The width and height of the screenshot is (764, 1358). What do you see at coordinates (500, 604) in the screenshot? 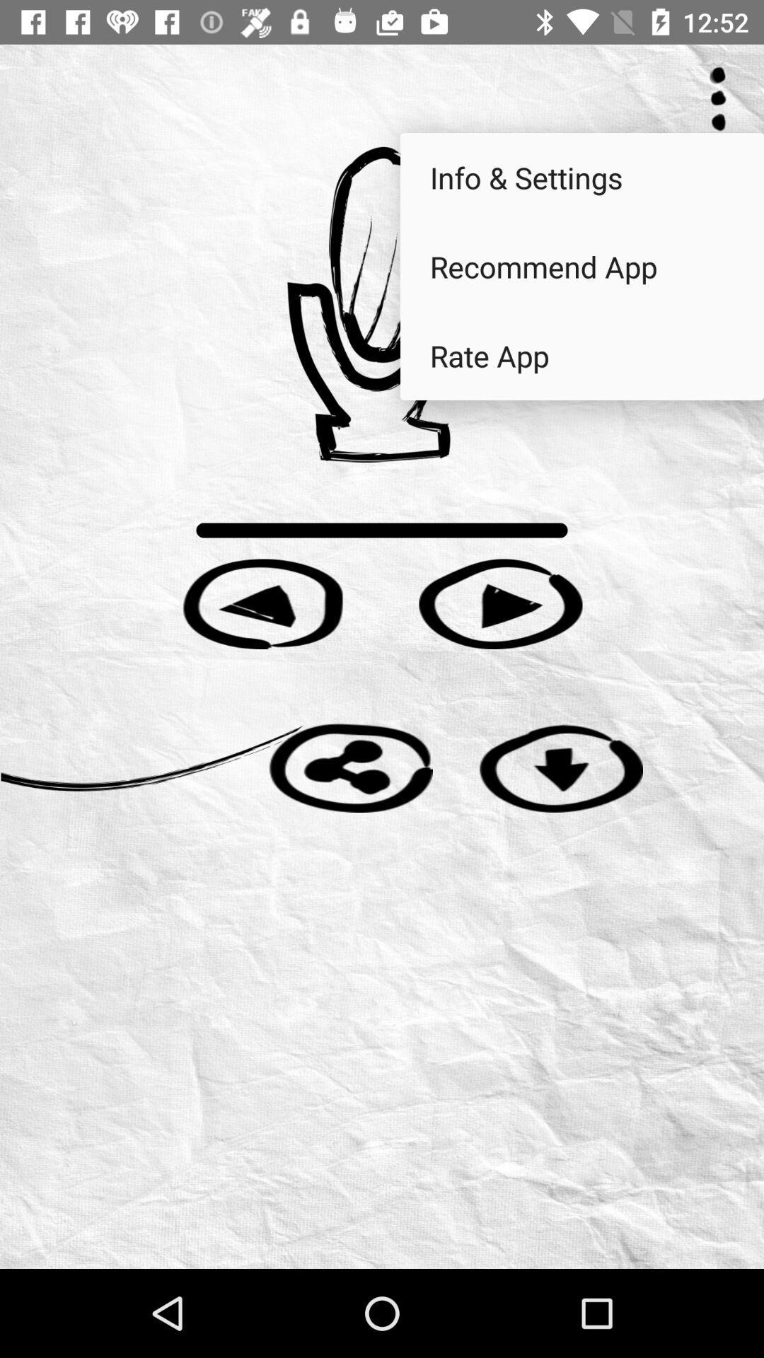
I see `song` at bounding box center [500, 604].